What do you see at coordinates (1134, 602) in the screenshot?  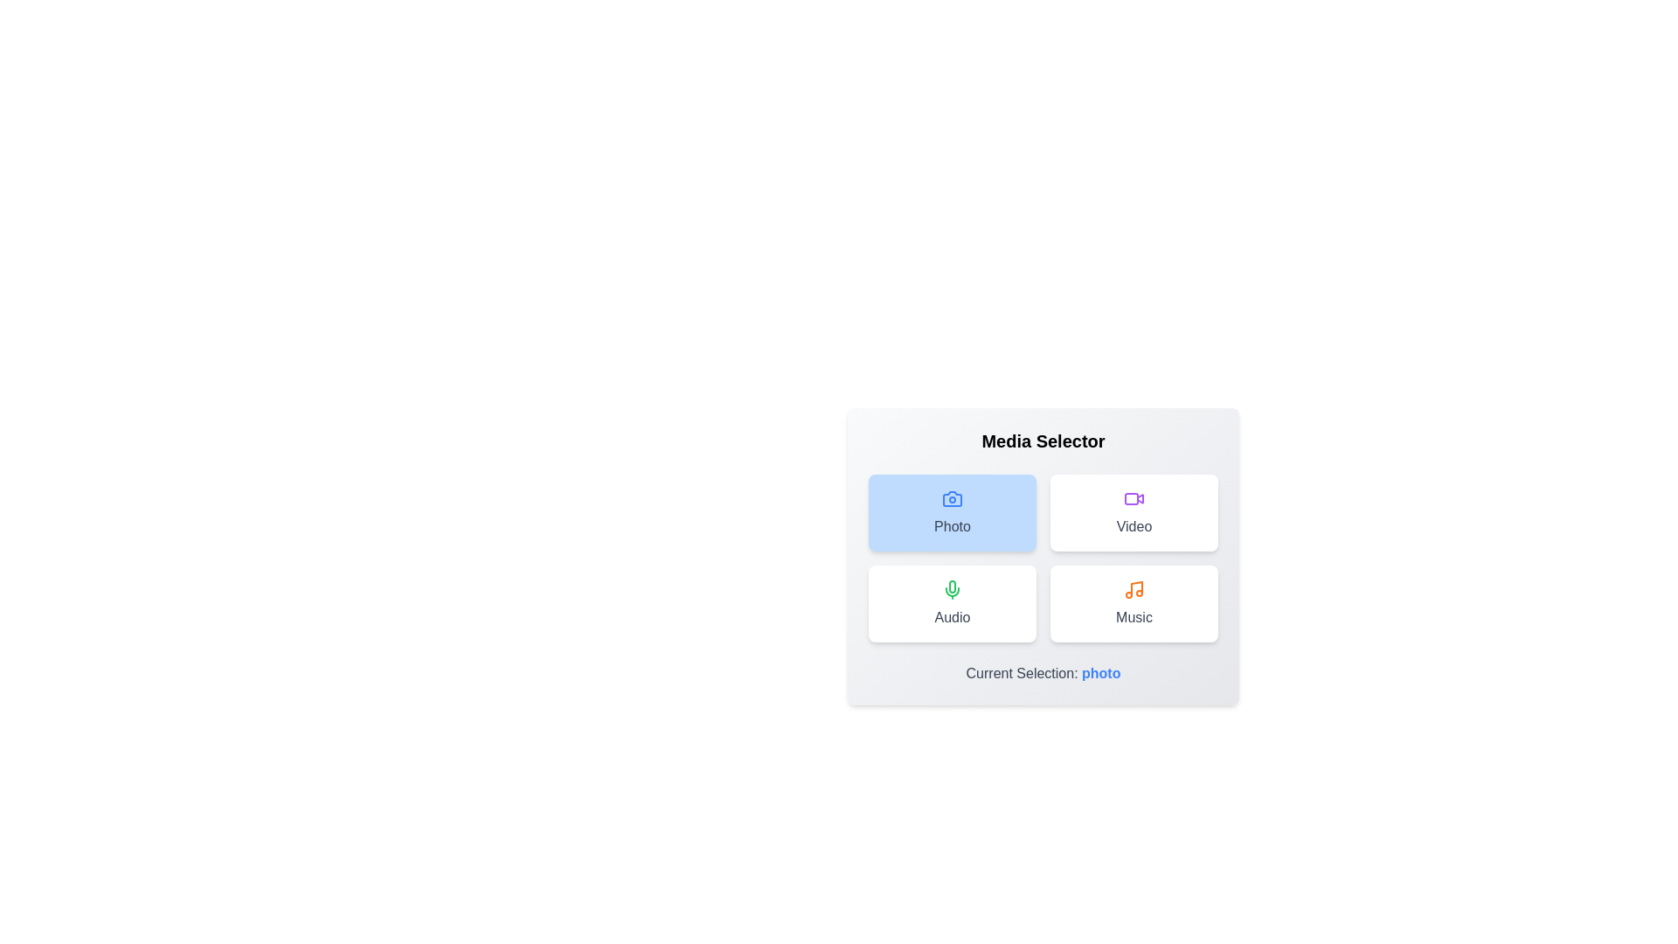 I see `the media option buttons to see the hover effect for Music` at bounding box center [1134, 602].